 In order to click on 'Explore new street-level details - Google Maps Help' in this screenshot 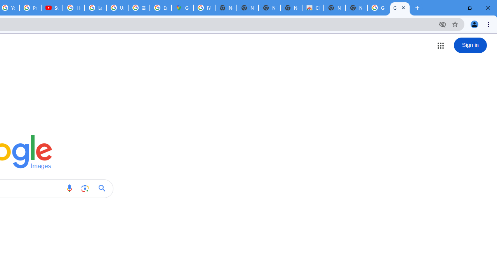, I will do `click(160, 8)`.